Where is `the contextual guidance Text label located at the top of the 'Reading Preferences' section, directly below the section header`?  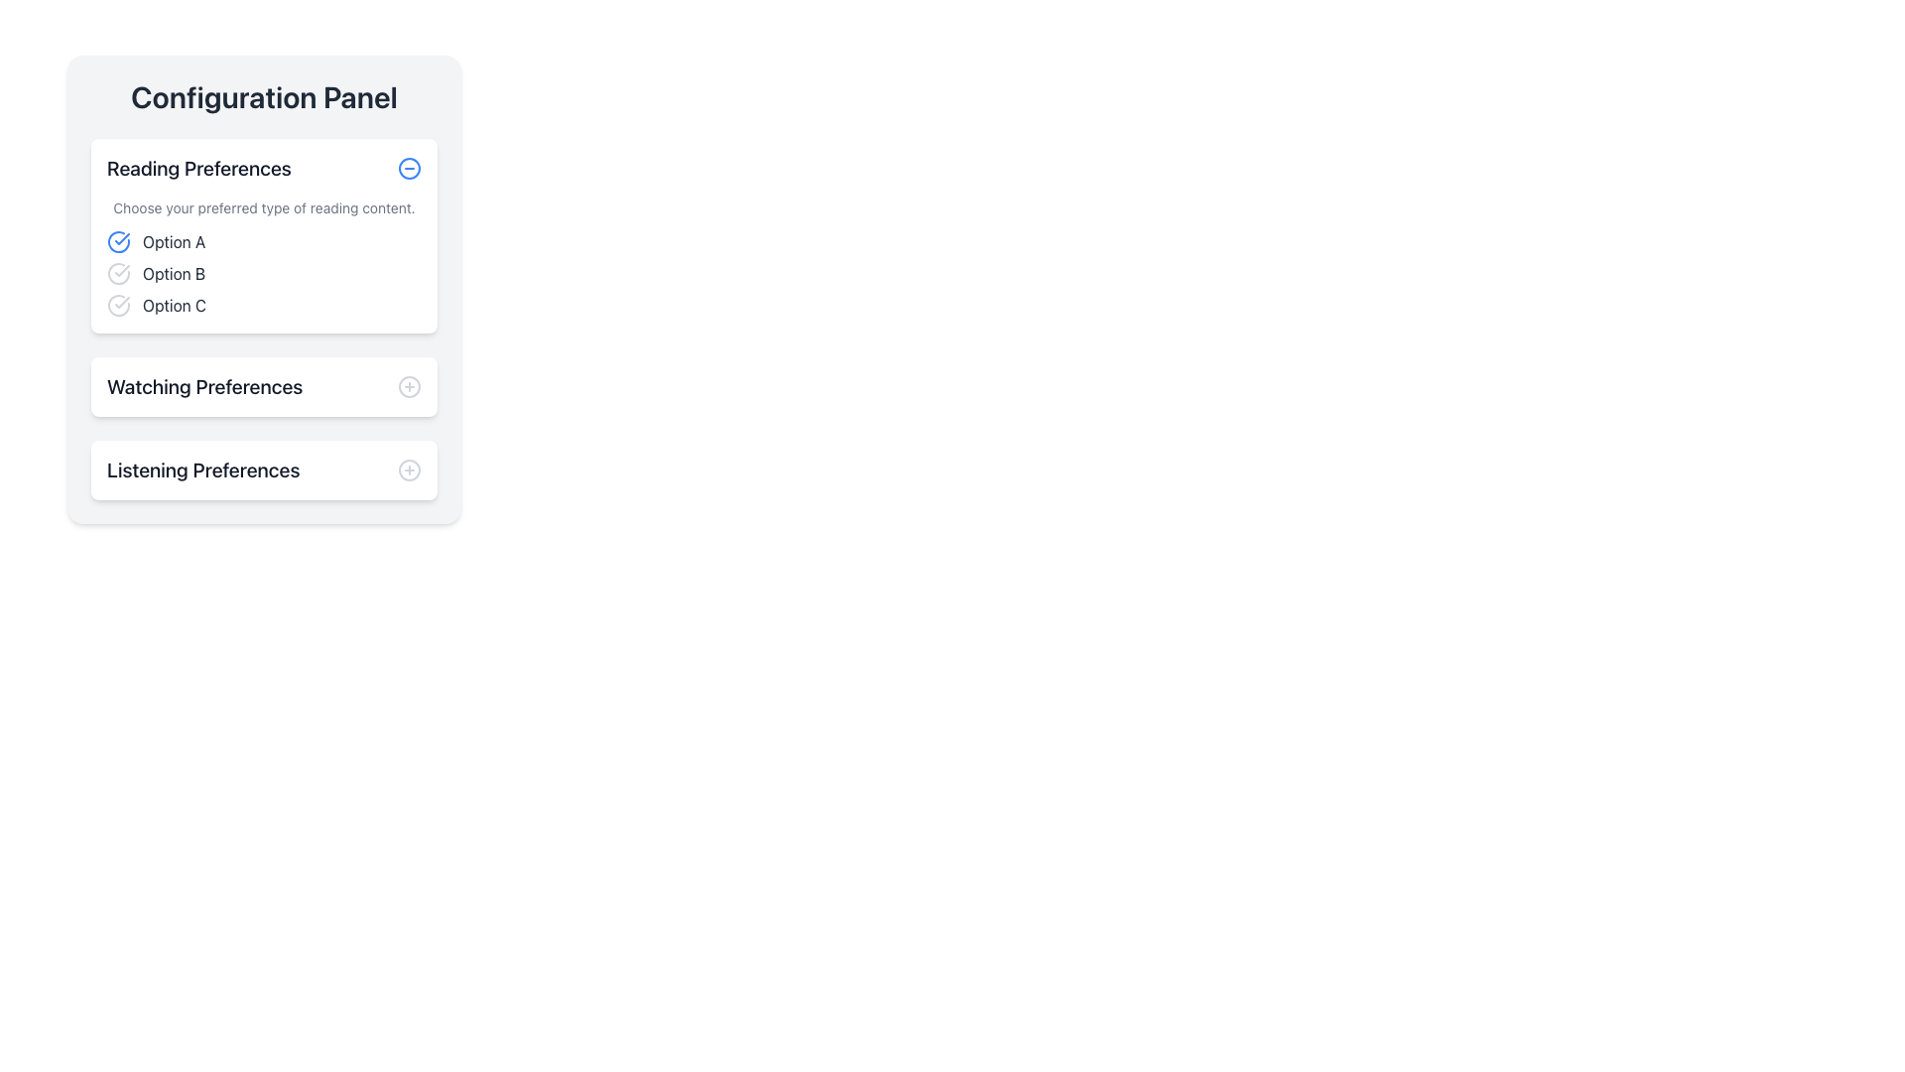
the contextual guidance Text label located at the top of the 'Reading Preferences' section, directly below the section header is located at coordinates (263, 207).